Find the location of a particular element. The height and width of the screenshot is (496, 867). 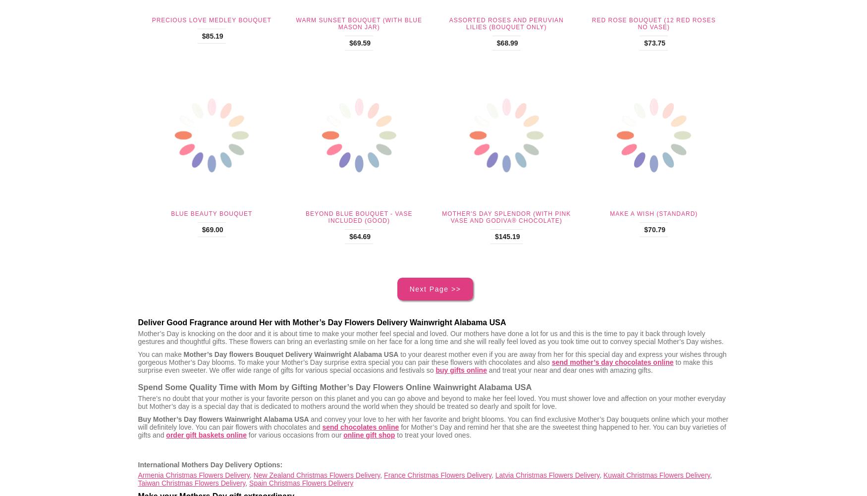

'New Zealand Christmas Flowers Delivery' is located at coordinates (316, 475).